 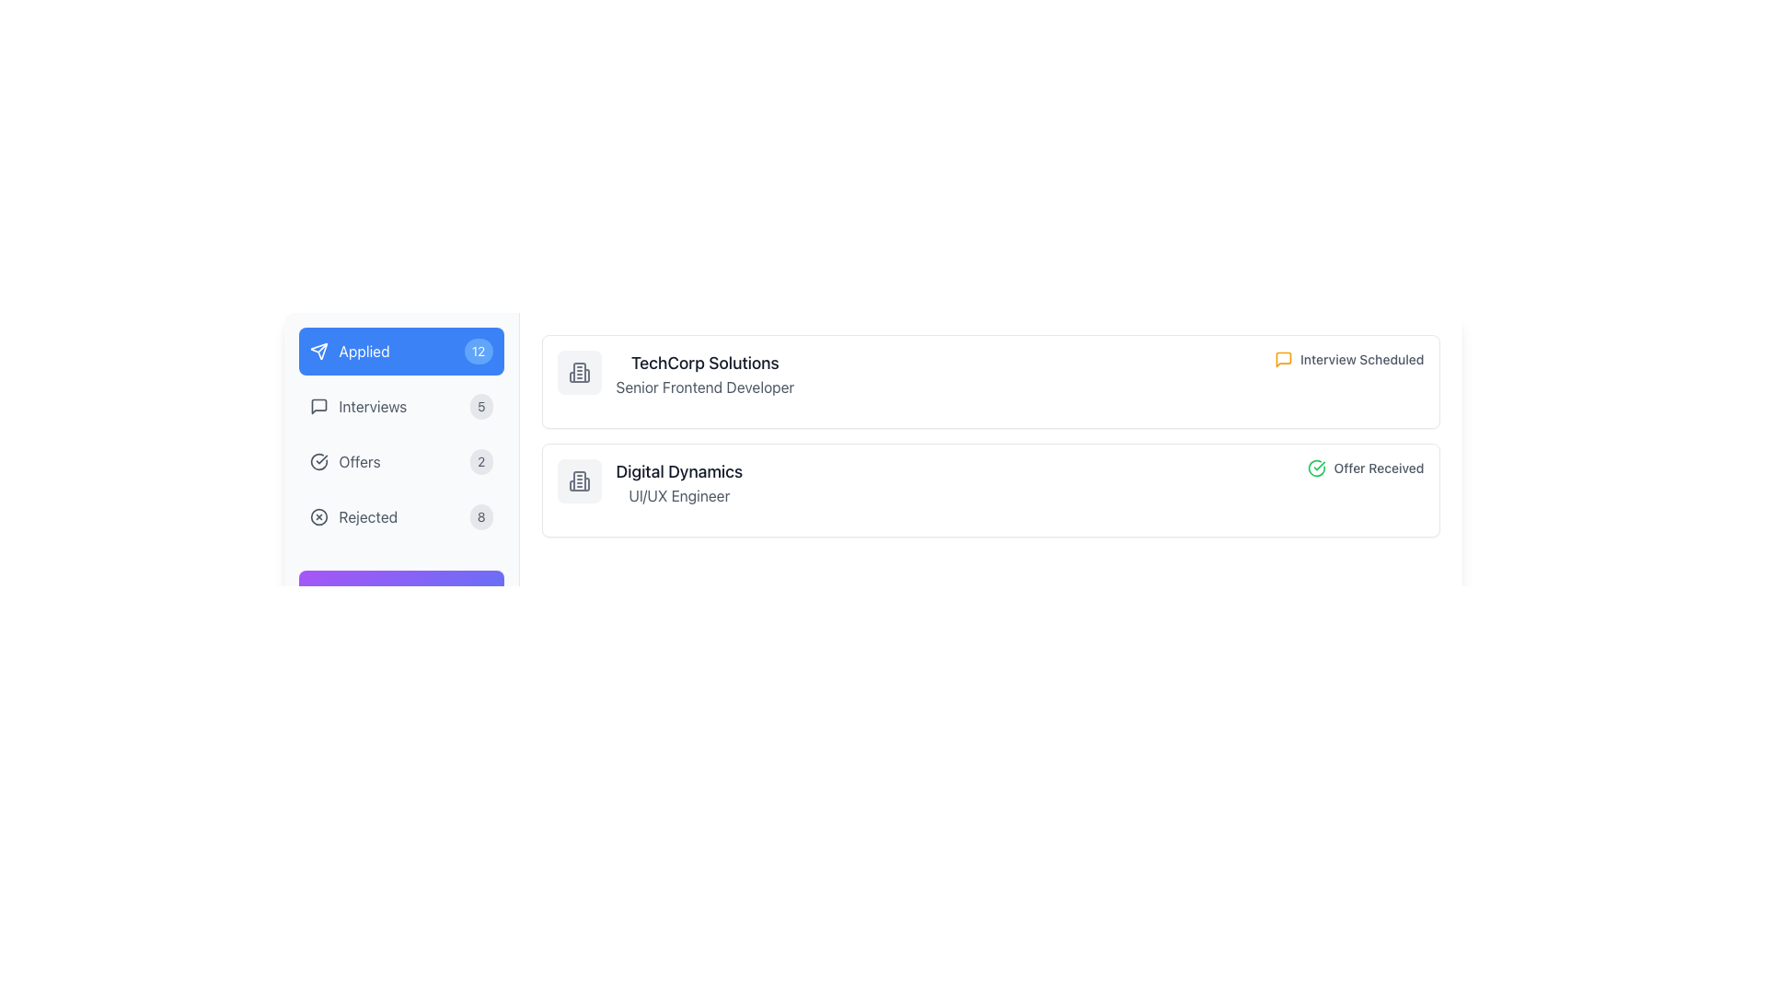 What do you see at coordinates (1379, 468) in the screenshot?
I see `the status indicator label that conveys the receipt of an offer, positioned to the right of a green circular icon with a checkmark` at bounding box center [1379, 468].